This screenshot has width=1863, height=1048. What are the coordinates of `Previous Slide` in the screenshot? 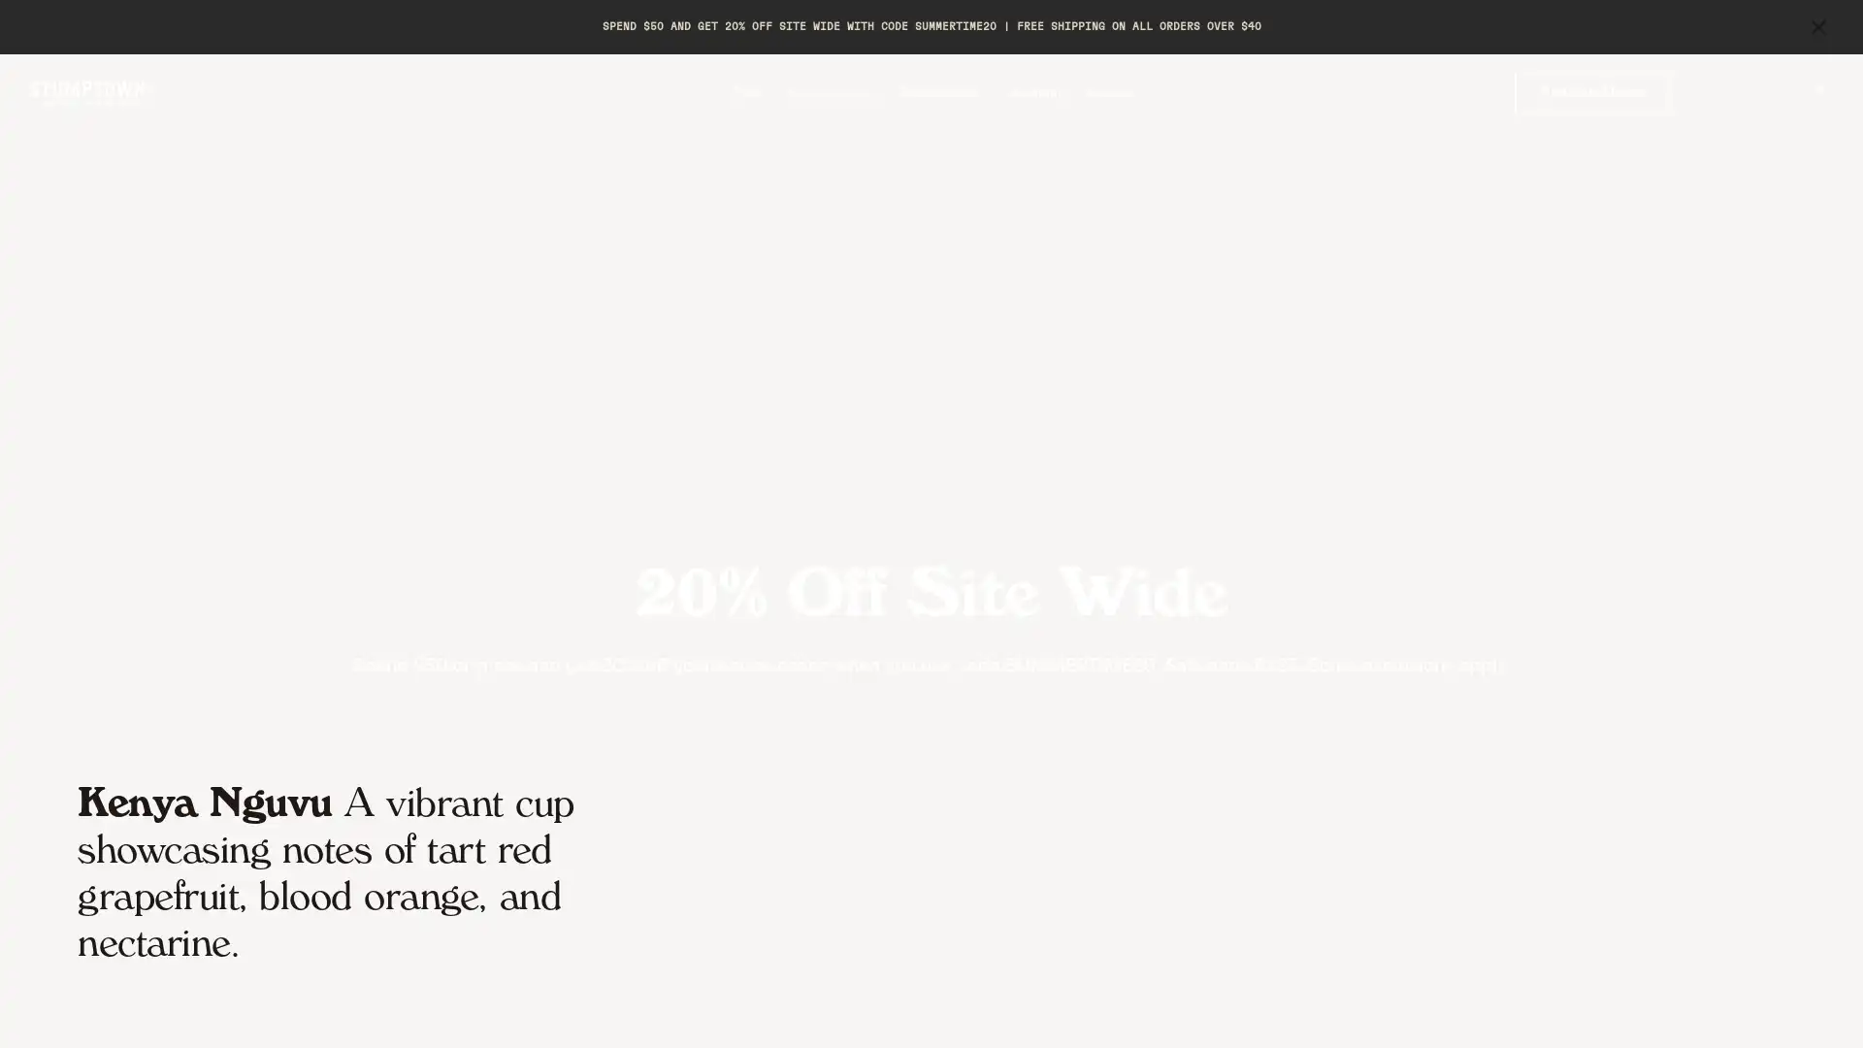 It's located at (1774, 1008).